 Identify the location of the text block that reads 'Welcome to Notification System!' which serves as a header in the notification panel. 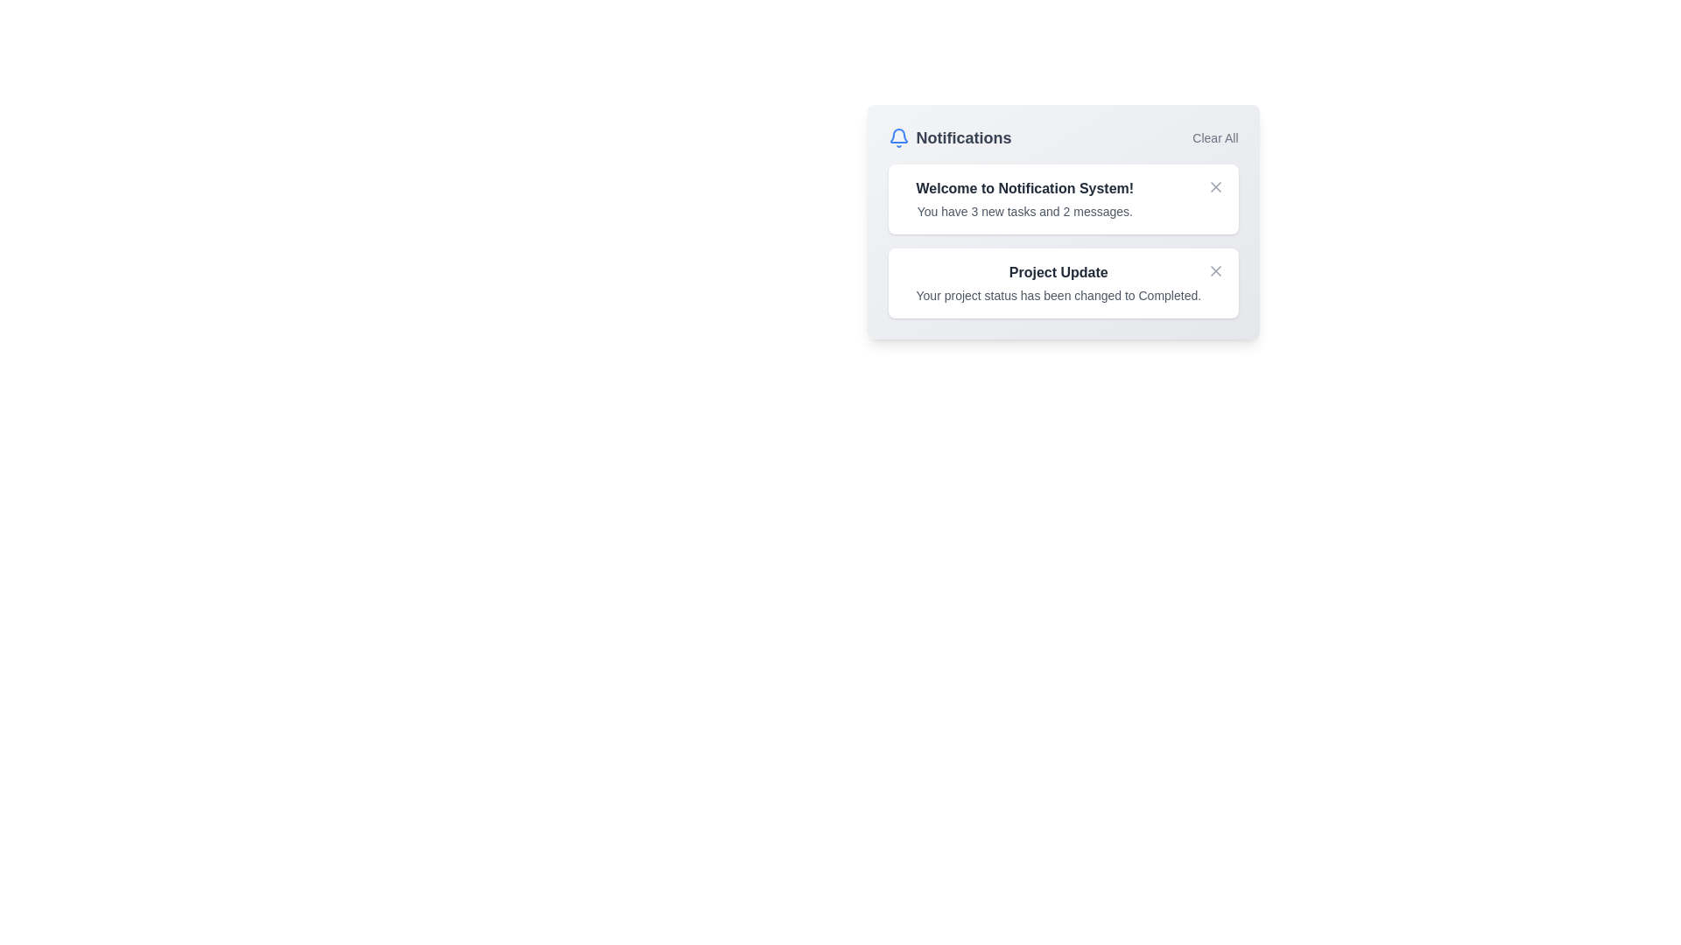
(1024, 189).